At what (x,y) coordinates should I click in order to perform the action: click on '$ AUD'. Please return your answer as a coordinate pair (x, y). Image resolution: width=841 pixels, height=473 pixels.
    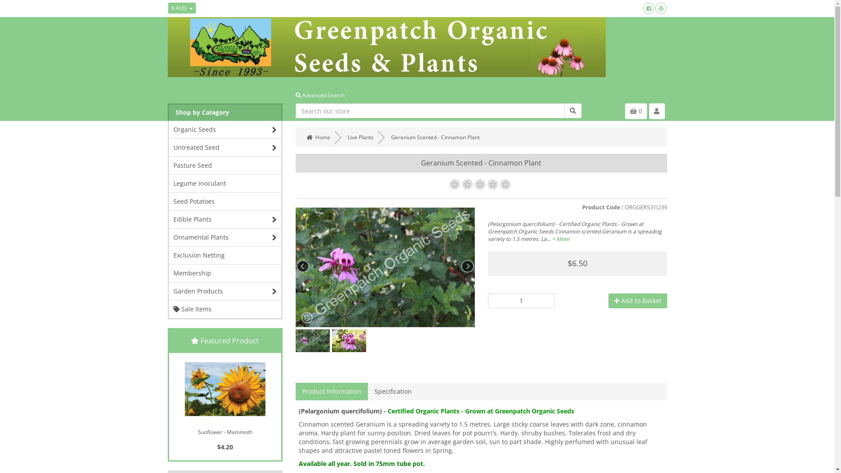
    Looking at the image, I should click on (181, 8).